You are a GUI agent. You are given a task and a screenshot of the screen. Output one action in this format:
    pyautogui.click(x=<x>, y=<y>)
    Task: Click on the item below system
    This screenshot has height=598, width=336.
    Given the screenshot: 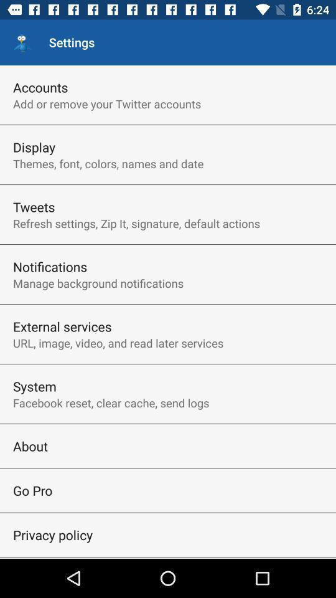 What is the action you would take?
    pyautogui.click(x=111, y=402)
    